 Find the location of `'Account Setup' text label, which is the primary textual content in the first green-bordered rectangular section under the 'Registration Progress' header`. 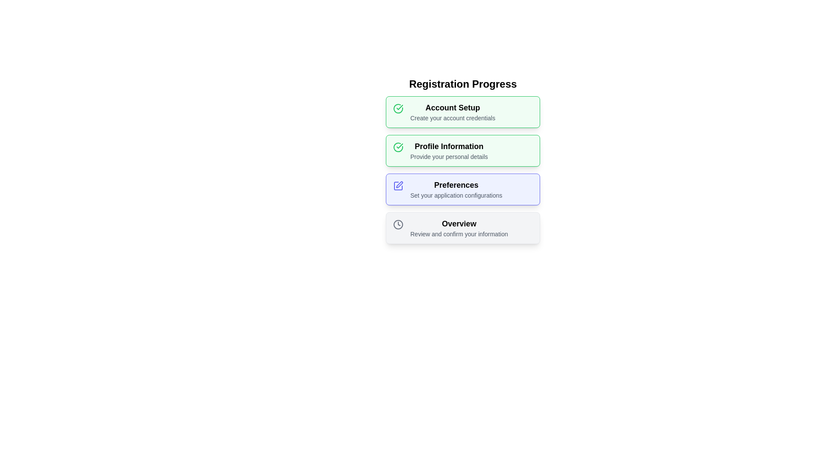

'Account Setup' text label, which is the primary textual content in the first green-bordered rectangular section under the 'Registration Progress' header is located at coordinates (452, 112).